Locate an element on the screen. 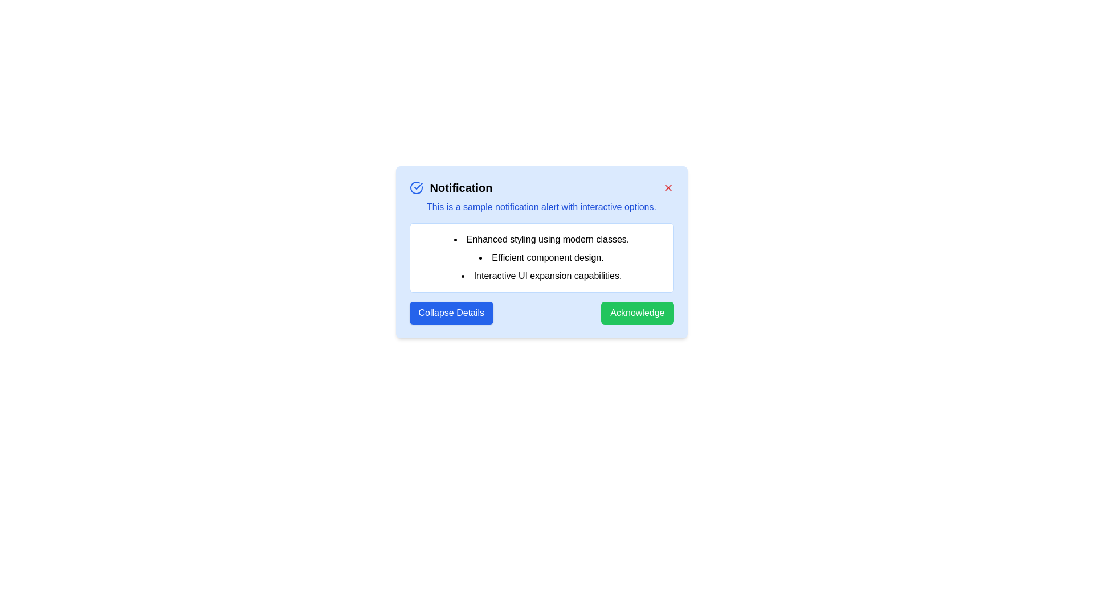 This screenshot has height=615, width=1094. 'Collapse Details' button to toggle the visibility of the additional details section is located at coordinates (451, 313).